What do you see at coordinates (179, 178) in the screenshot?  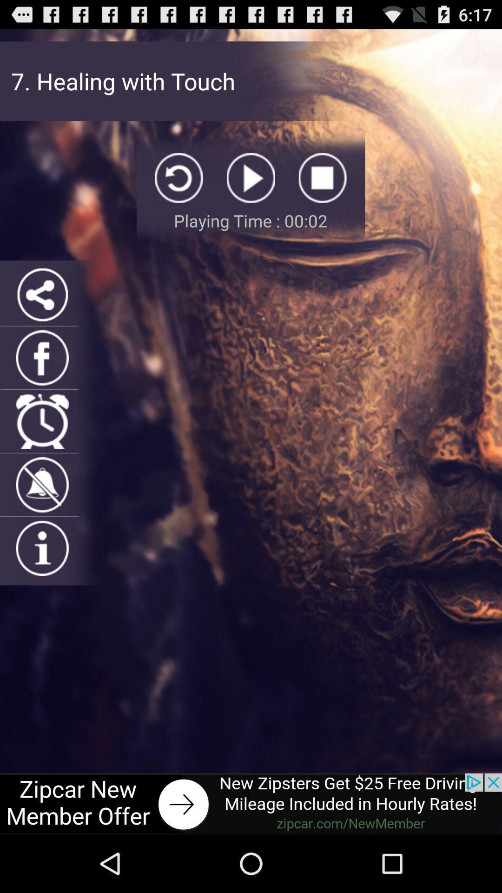 I see `replay song` at bounding box center [179, 178].